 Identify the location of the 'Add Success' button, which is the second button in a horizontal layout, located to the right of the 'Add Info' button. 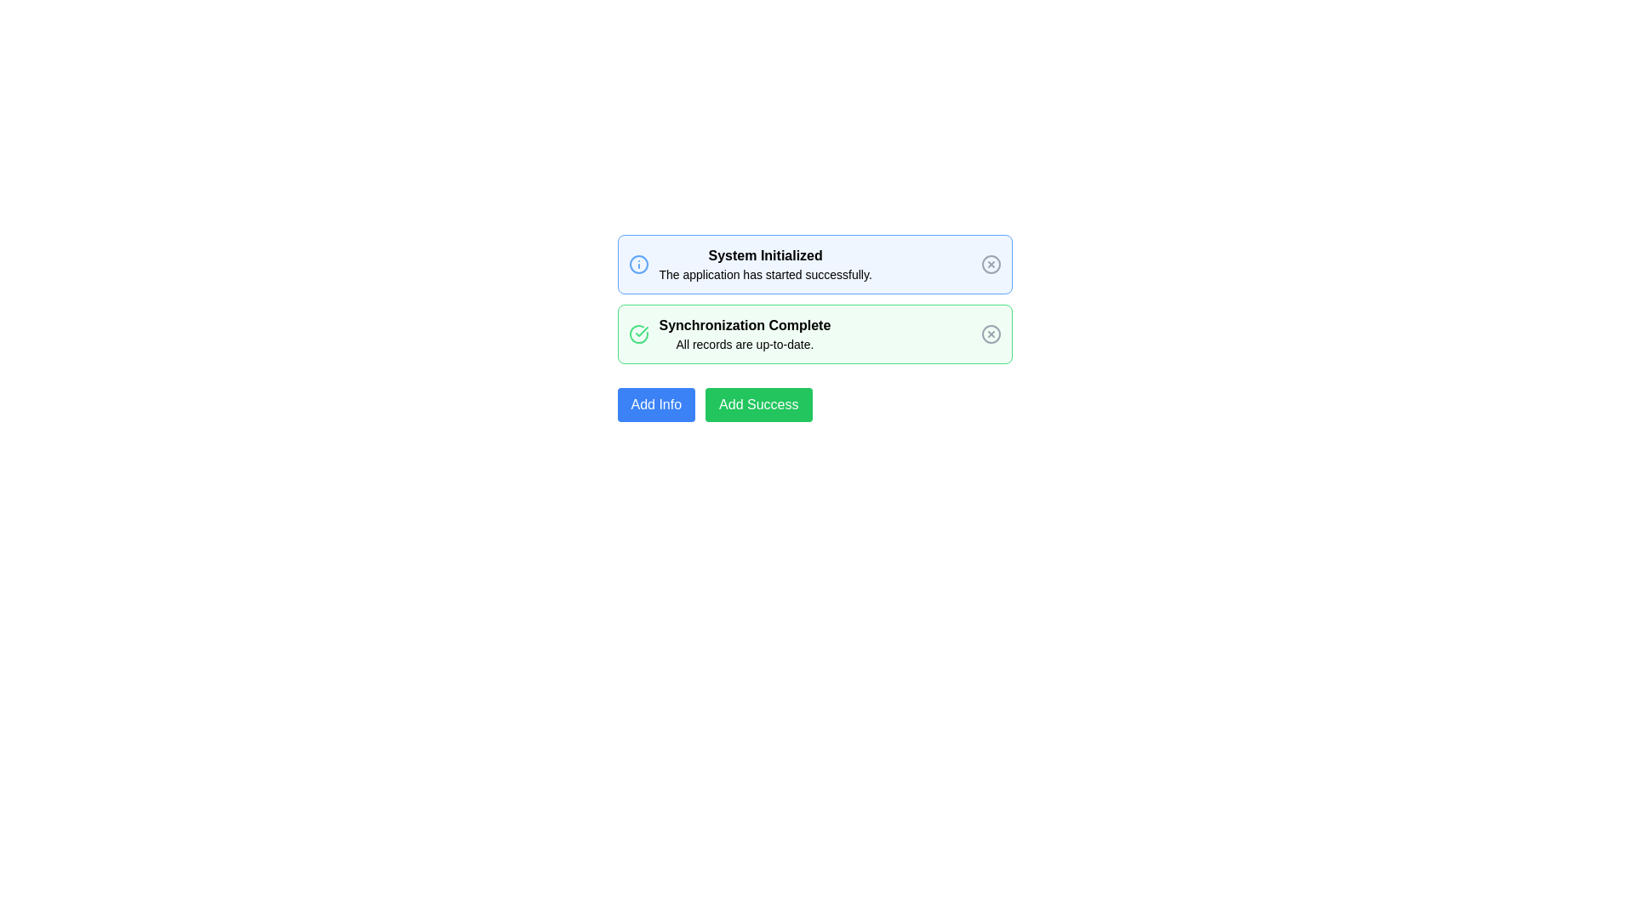
(757, 404).